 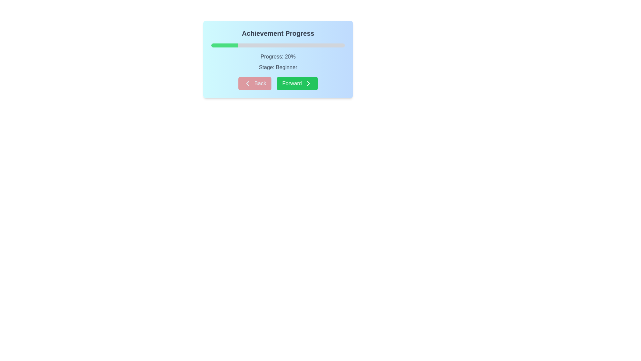 I want to click on the chevron icon on the left side of the 'Back' button, which is located at the bottom center of the 'Achievement Progress' card, so click(x=247, y=83).